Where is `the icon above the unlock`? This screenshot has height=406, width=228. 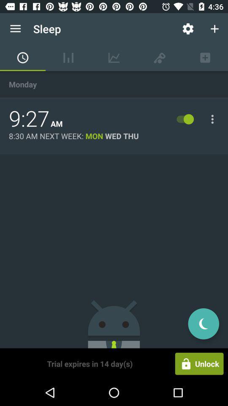 the icon above the unlock is located at coordinates (203, 323).